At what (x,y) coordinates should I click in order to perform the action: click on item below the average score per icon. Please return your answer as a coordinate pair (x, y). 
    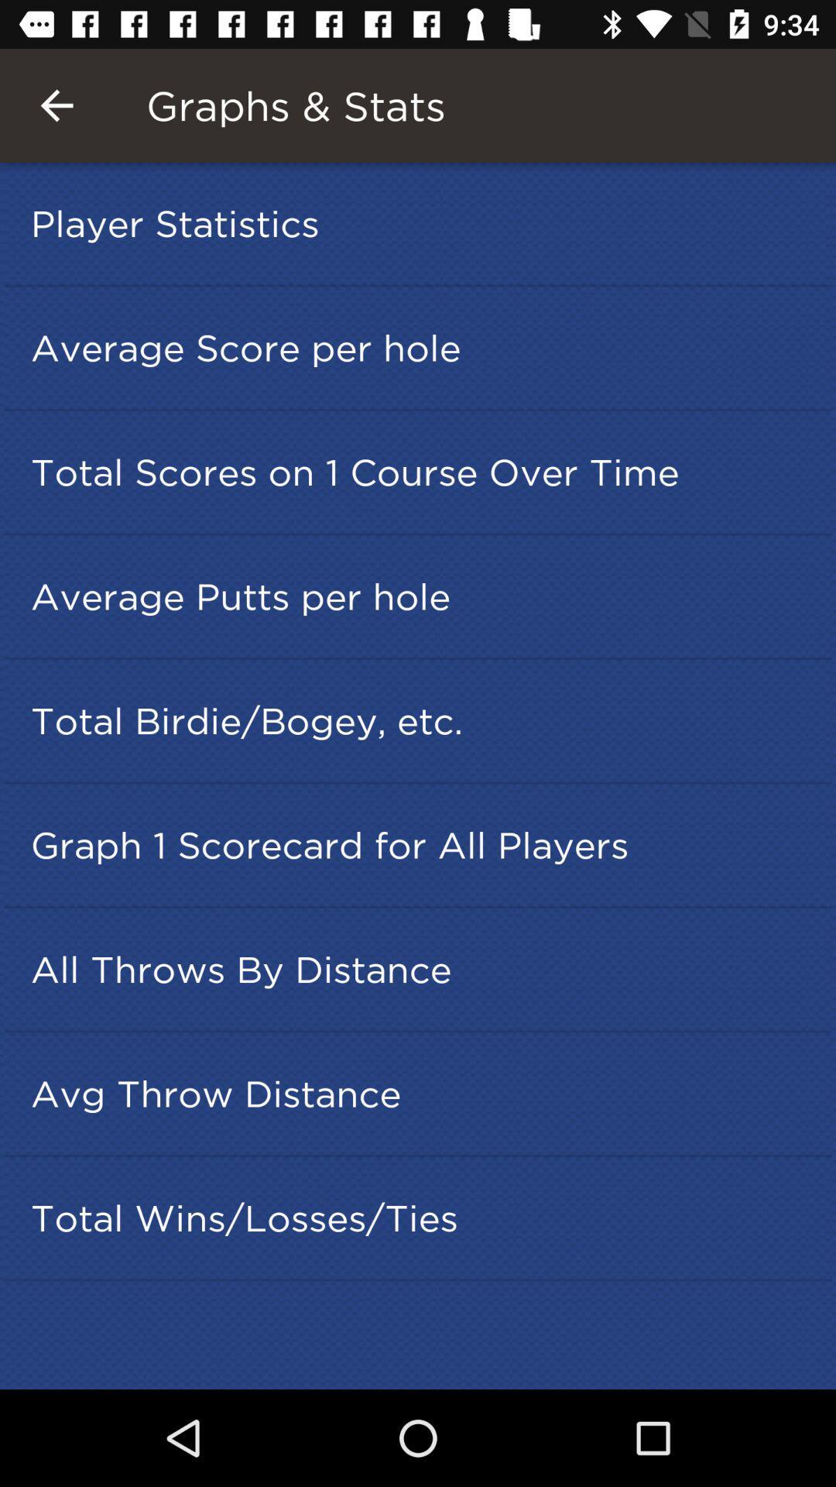
    Looking at the image, I should click on (423, 471).